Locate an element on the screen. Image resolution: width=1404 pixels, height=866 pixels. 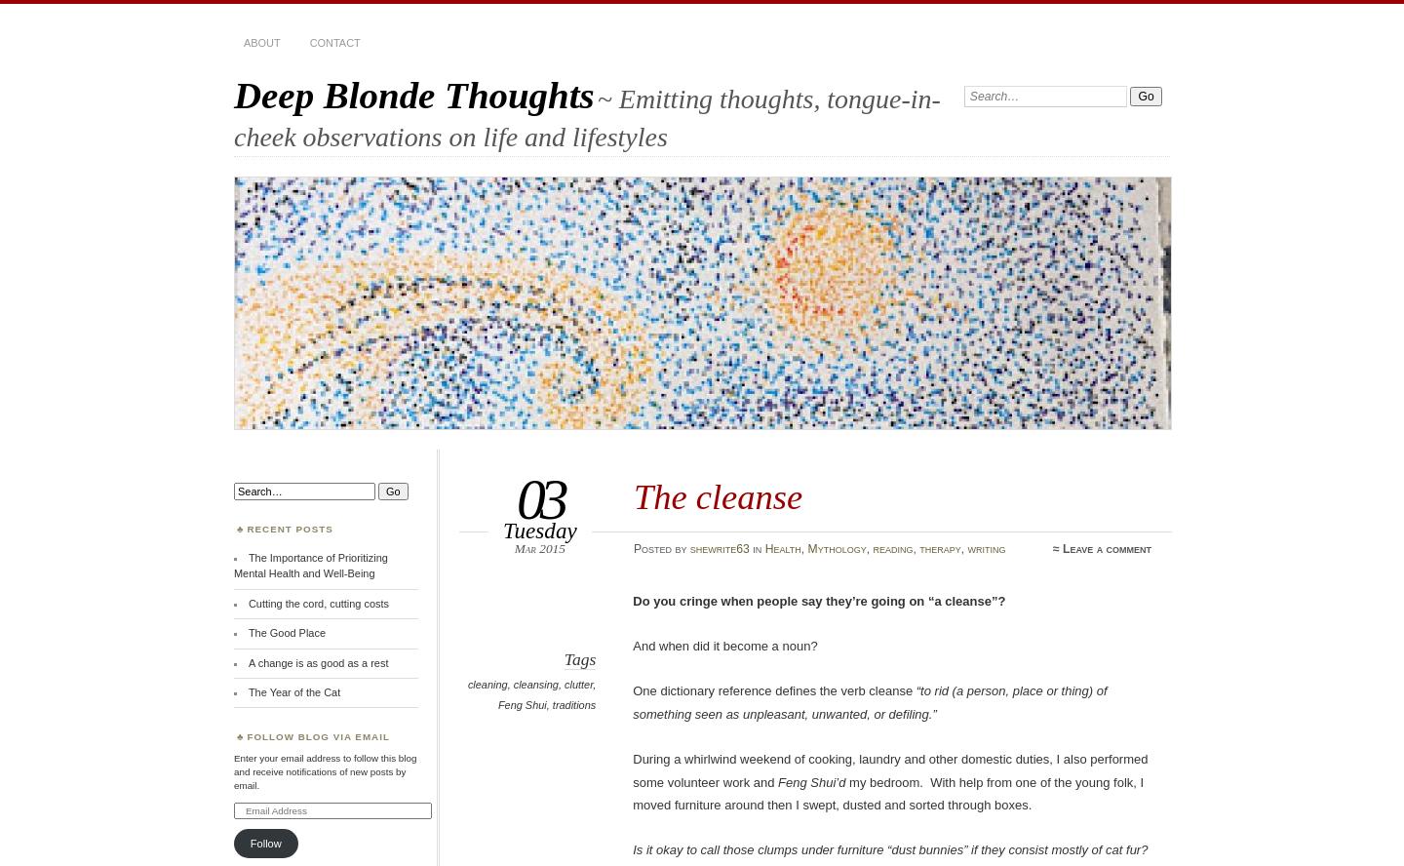
'The cleanse' is located at coordinates (632, 495).